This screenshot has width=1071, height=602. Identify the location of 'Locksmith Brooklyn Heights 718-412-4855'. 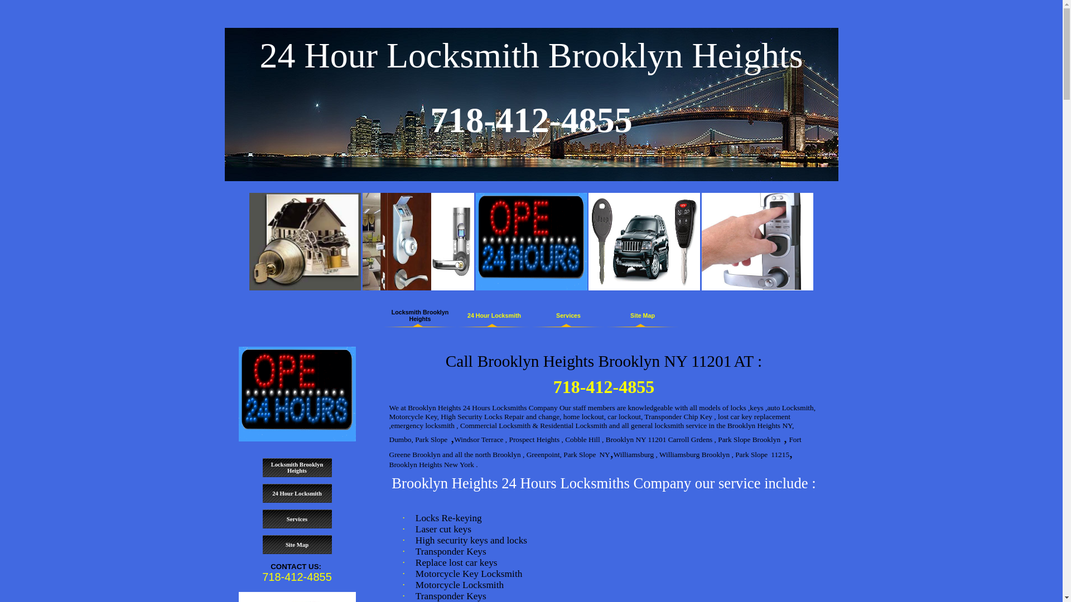
(305, 241).